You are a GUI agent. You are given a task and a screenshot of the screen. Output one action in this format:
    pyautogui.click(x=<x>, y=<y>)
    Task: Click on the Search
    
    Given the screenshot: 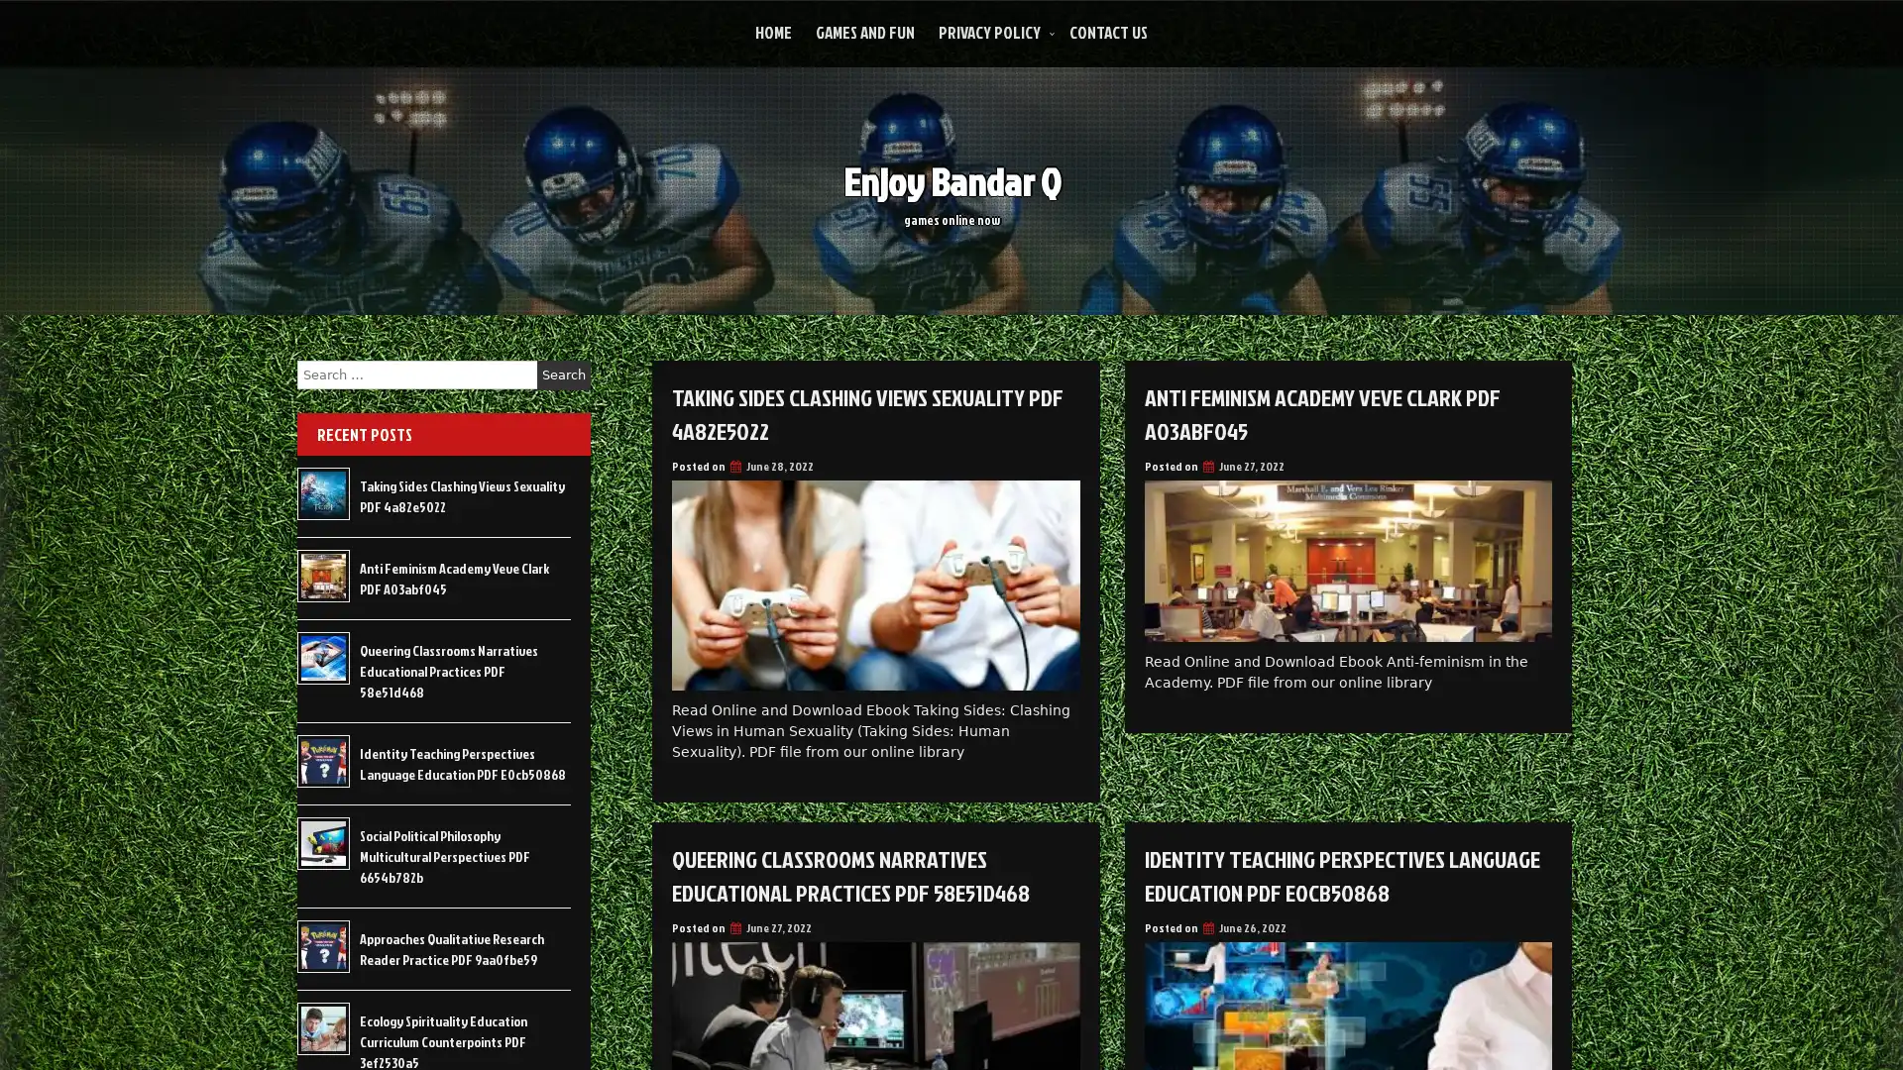 What is the action you would take?
    pyautogui.click(x=563, y=374)
    